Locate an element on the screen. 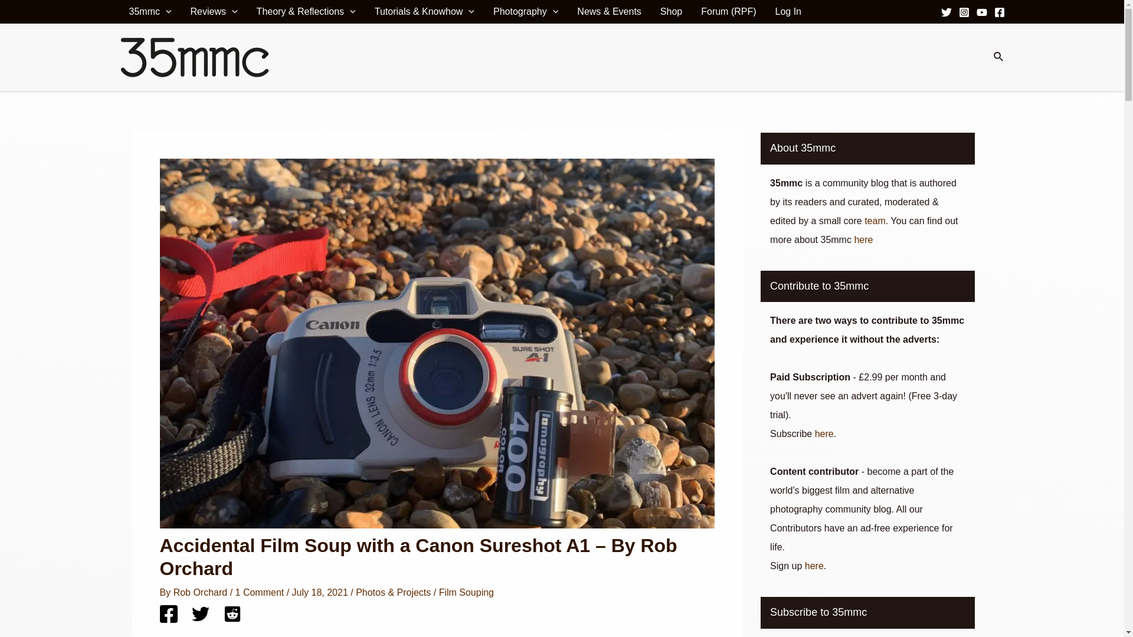 The image size is (1133, 637). 'here' is located at coordinates (823, 434).